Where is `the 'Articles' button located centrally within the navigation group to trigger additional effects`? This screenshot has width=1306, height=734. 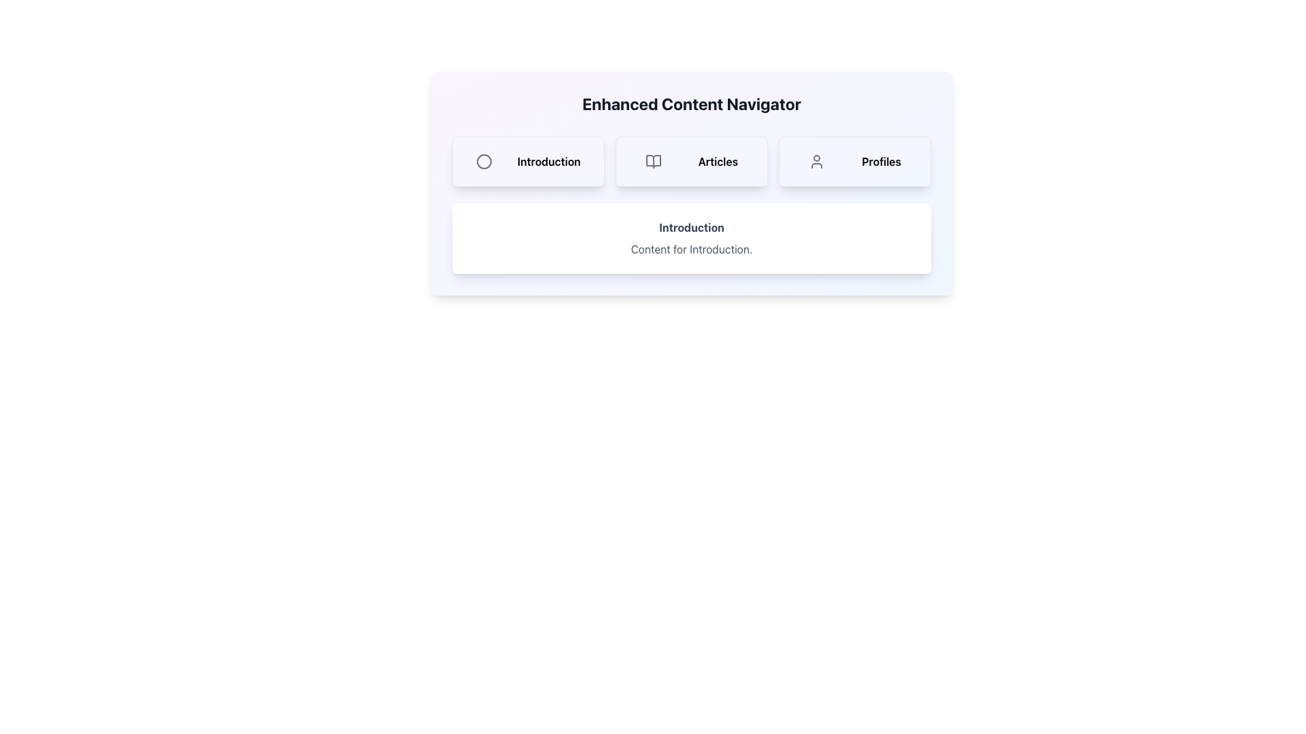
the 'Articles' button located centrally within the navigation group to trigger additional effects is located at coordinates (692, 161).